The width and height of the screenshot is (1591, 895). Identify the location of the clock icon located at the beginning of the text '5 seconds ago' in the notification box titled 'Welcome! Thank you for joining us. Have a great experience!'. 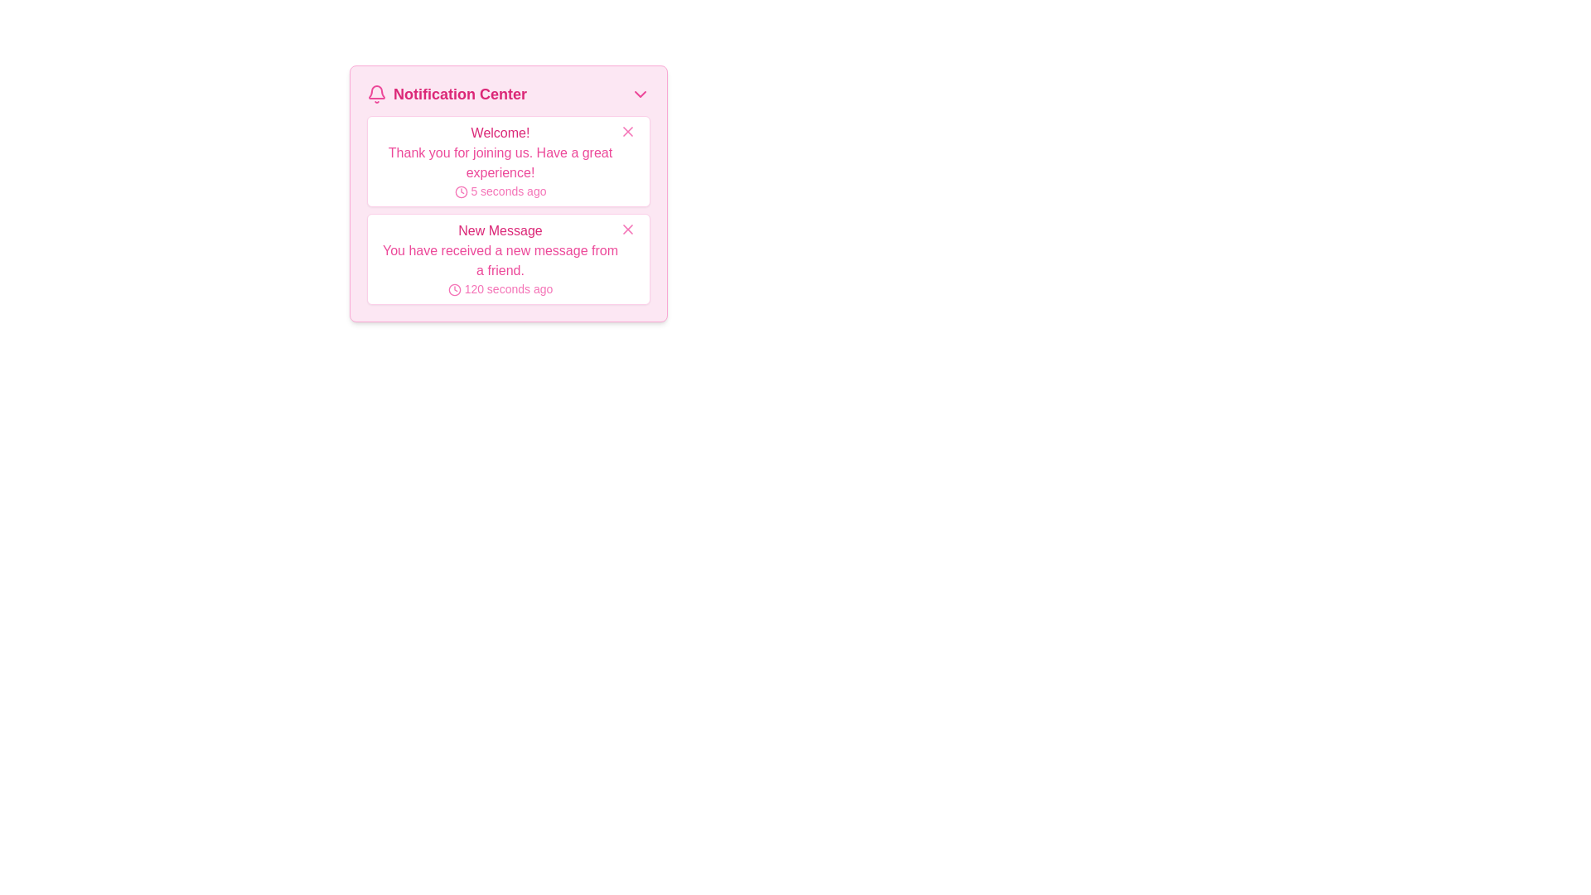
(461, 191).